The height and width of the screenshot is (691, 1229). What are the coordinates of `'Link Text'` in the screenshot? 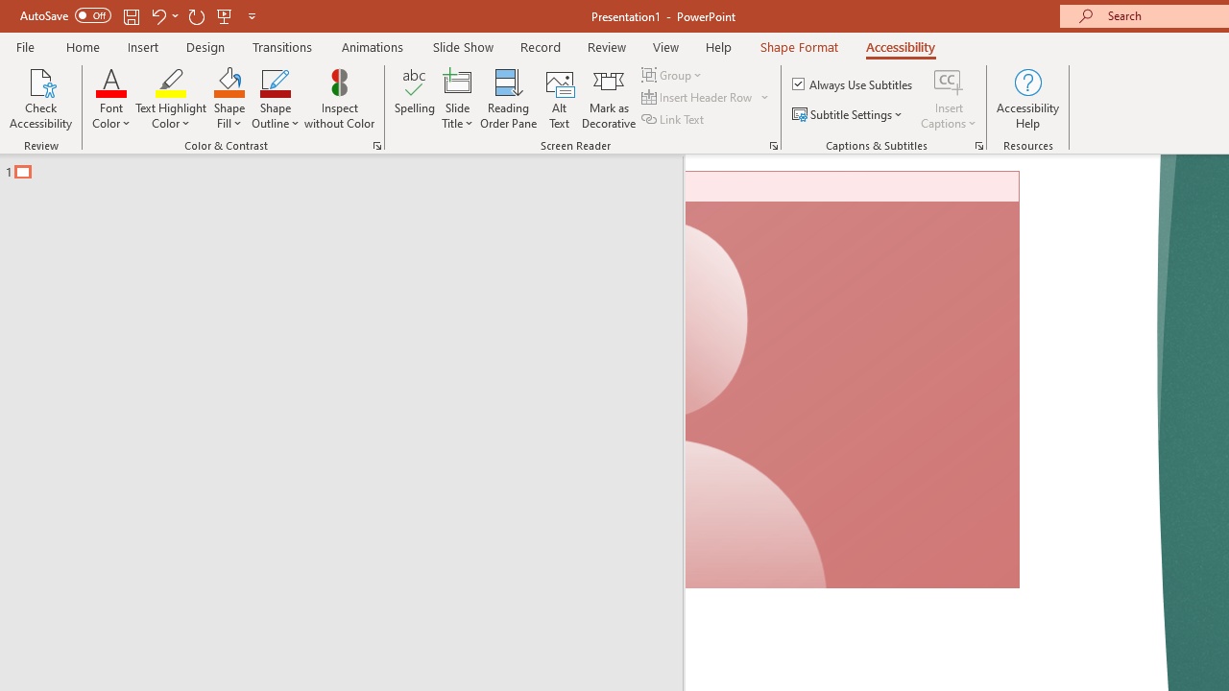 It's located at (674, 119).